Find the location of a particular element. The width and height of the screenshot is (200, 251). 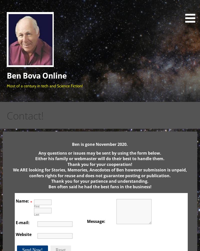

'Any questions or issues may be sent by using the form below.' is located at coordinates (99, 153).